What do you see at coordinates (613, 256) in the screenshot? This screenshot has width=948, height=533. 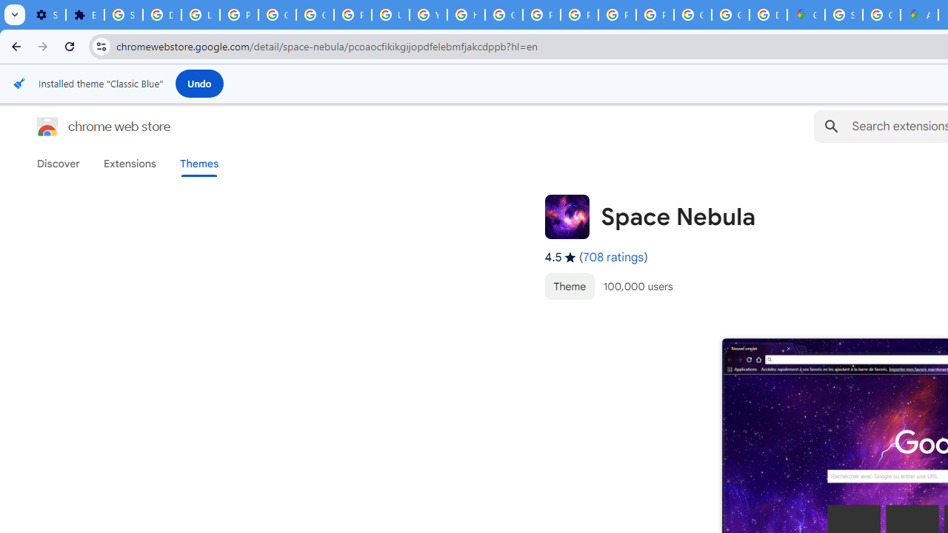 I see `'708 ratings'` at bounding box center [613, 256].